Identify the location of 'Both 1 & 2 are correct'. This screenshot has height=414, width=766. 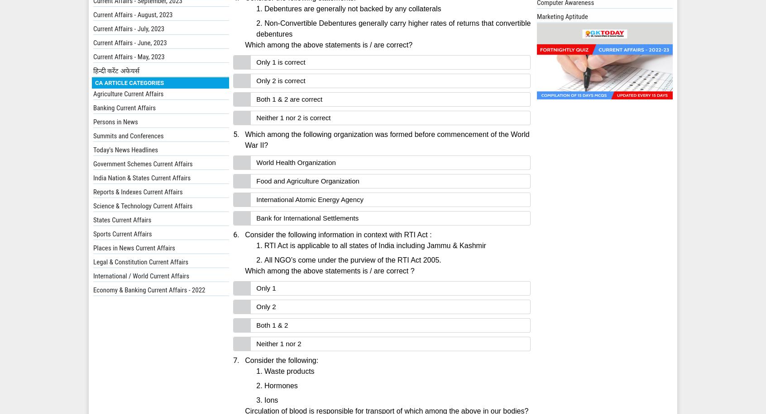
(289, 99).